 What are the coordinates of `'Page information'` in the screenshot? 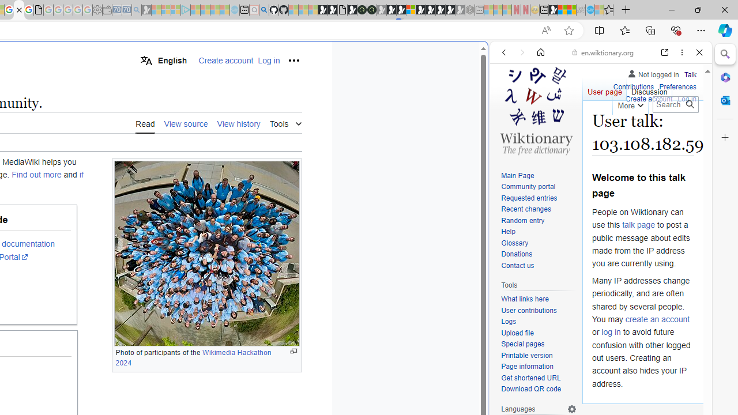 It's located at (526, 367).